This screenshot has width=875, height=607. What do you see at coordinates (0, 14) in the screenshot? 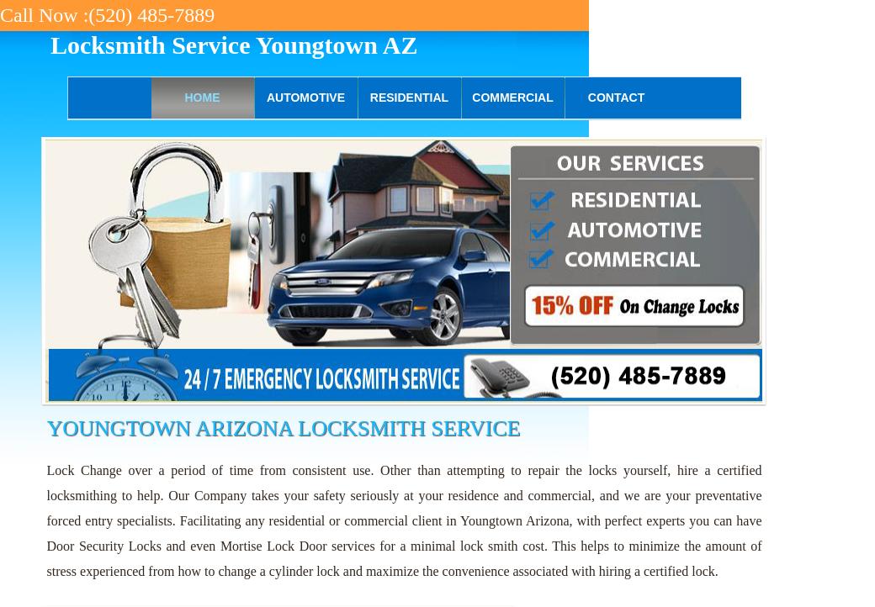
I see `'Call Now :(520) 485-7889'` at bounding box center [0, 14].